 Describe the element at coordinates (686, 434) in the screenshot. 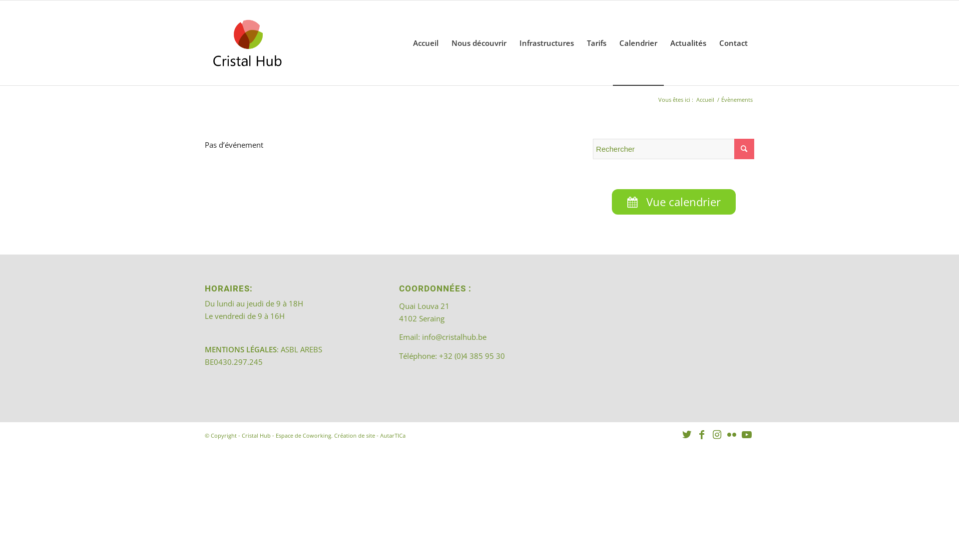

I see `'Twitter'` at that location.